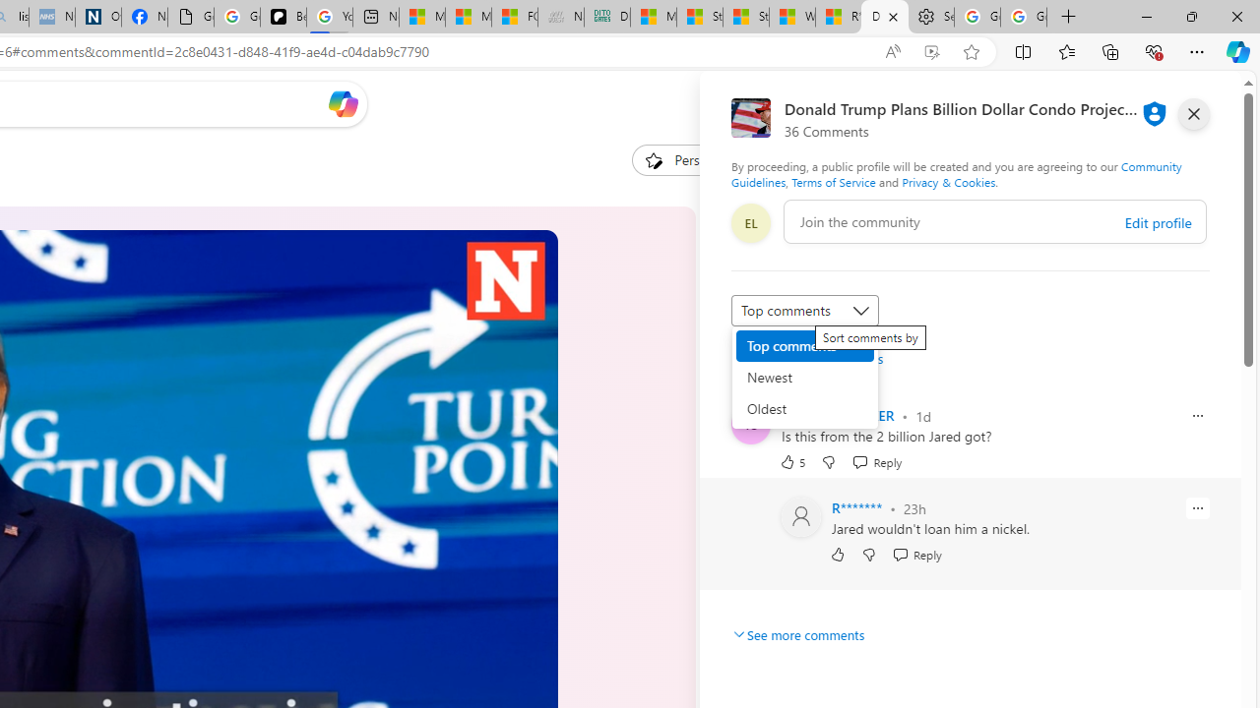 This screenshot has width=1260, height=708. Describe the element at coordinates (1158, 221) in the screenshot. I see `'Edit profile'` at that location.